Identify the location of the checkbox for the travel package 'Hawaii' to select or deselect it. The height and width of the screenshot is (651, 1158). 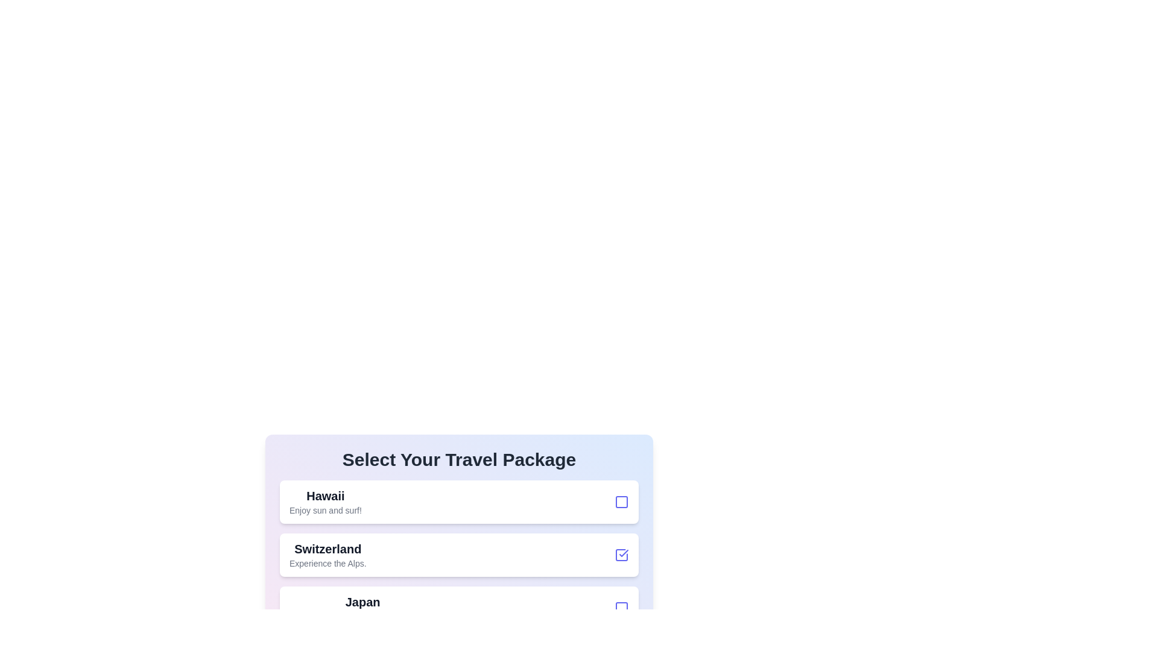
(622, 502).